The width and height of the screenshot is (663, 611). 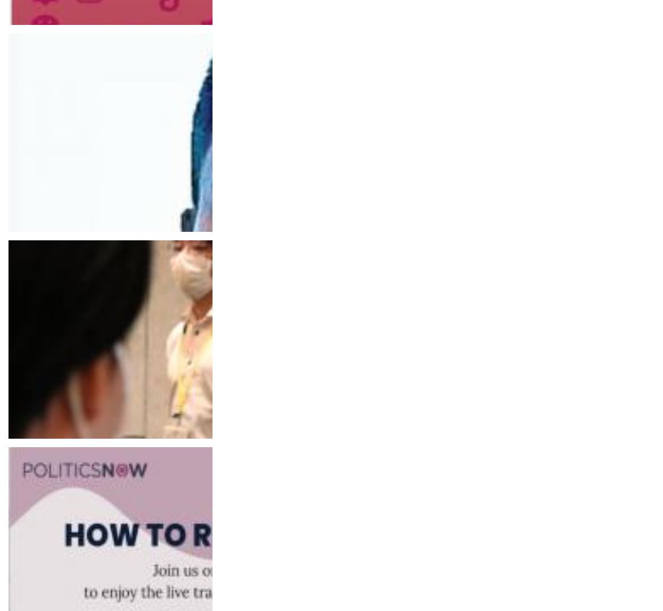 What do you see at coordinates (63, 437) in the screenshot?
I see `'Friday, December 09, 2022'` at bounding box center [63, 437].